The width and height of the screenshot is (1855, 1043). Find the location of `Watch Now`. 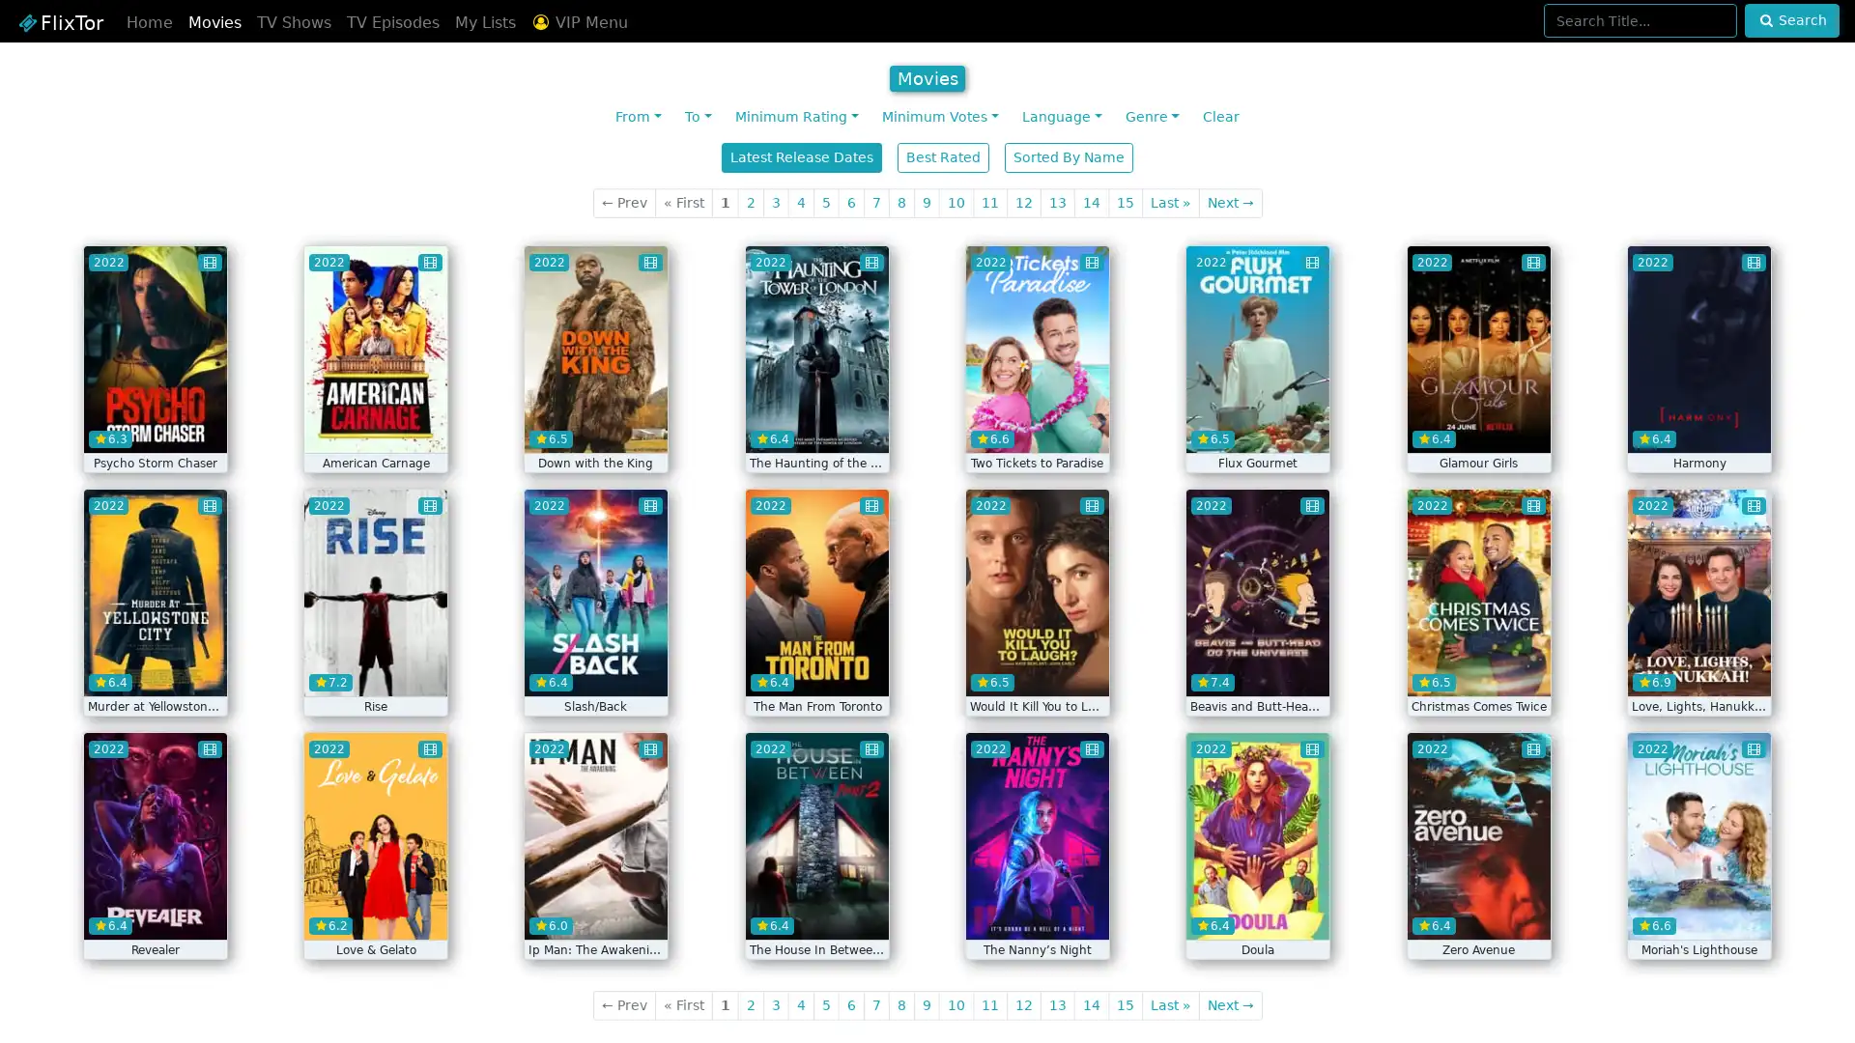

Watch Now is located at coordinates (1036, 423).